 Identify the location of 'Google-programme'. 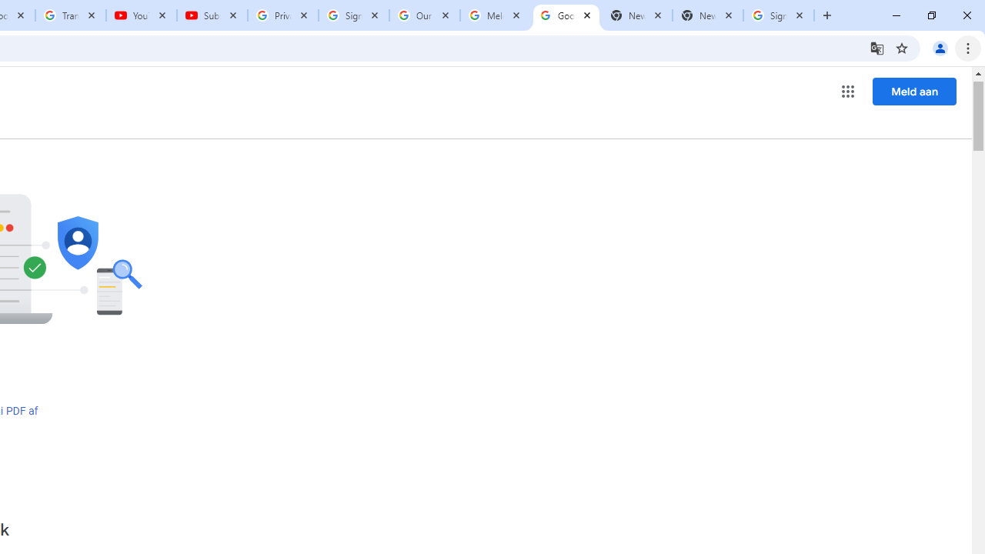
(847, 92).